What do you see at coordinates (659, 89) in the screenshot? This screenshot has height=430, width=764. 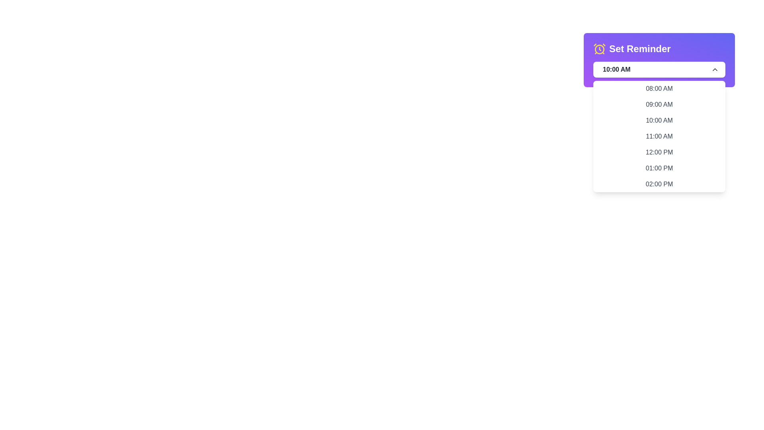 I see `the dropdown menu item displaying '08:00 AM'` at bounding box center [659, 89].